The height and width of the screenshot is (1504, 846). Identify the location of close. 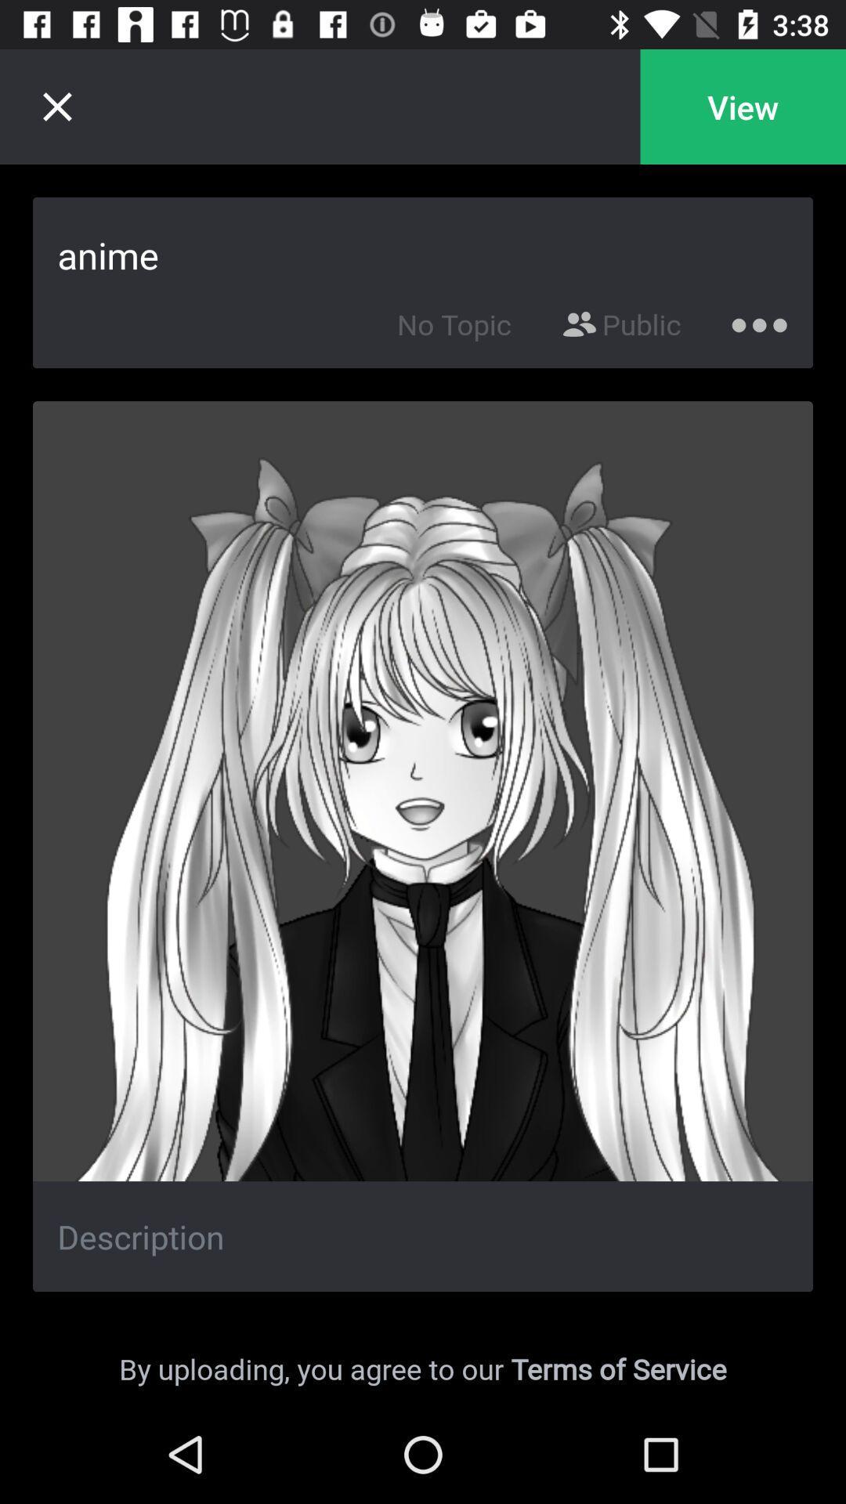
(56, 106).